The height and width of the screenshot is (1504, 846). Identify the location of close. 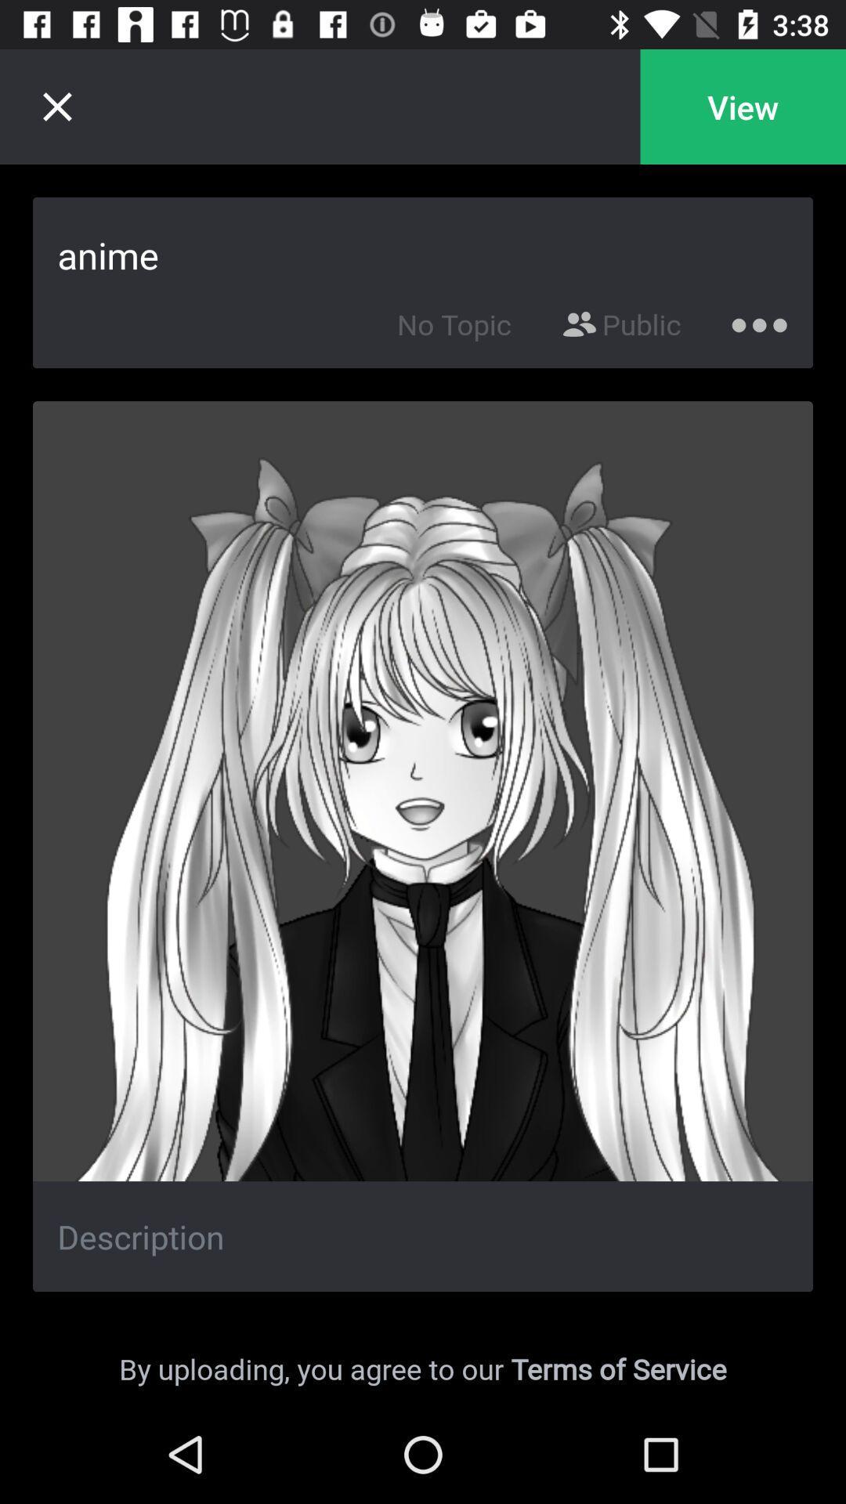
(56, 106).